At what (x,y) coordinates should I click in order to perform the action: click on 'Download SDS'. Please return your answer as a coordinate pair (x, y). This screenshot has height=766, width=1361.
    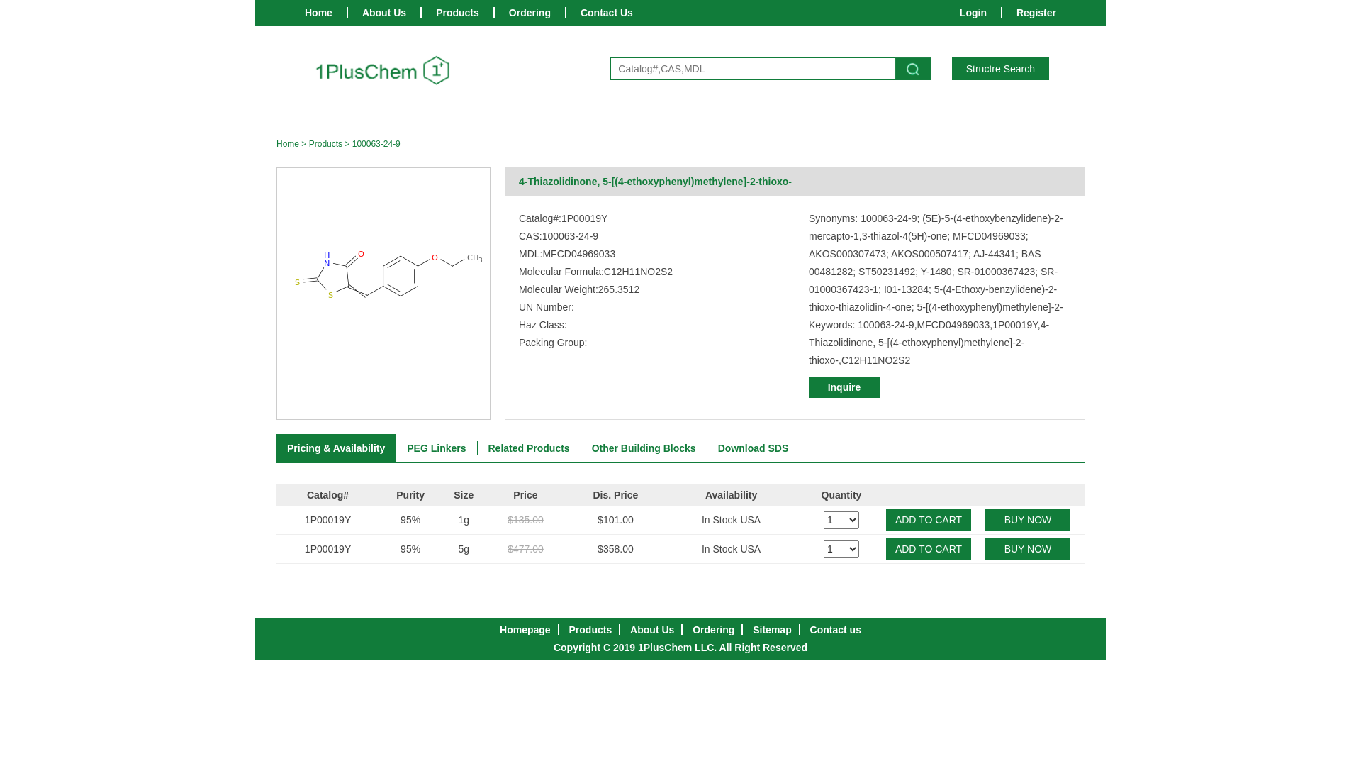
    Looking at the image, I should click on (707, 448).